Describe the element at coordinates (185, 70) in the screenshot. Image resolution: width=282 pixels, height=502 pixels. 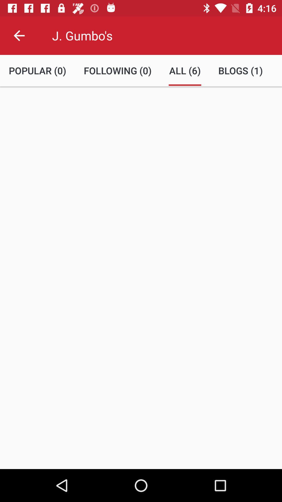
I see `the all (6) icon` at that location.